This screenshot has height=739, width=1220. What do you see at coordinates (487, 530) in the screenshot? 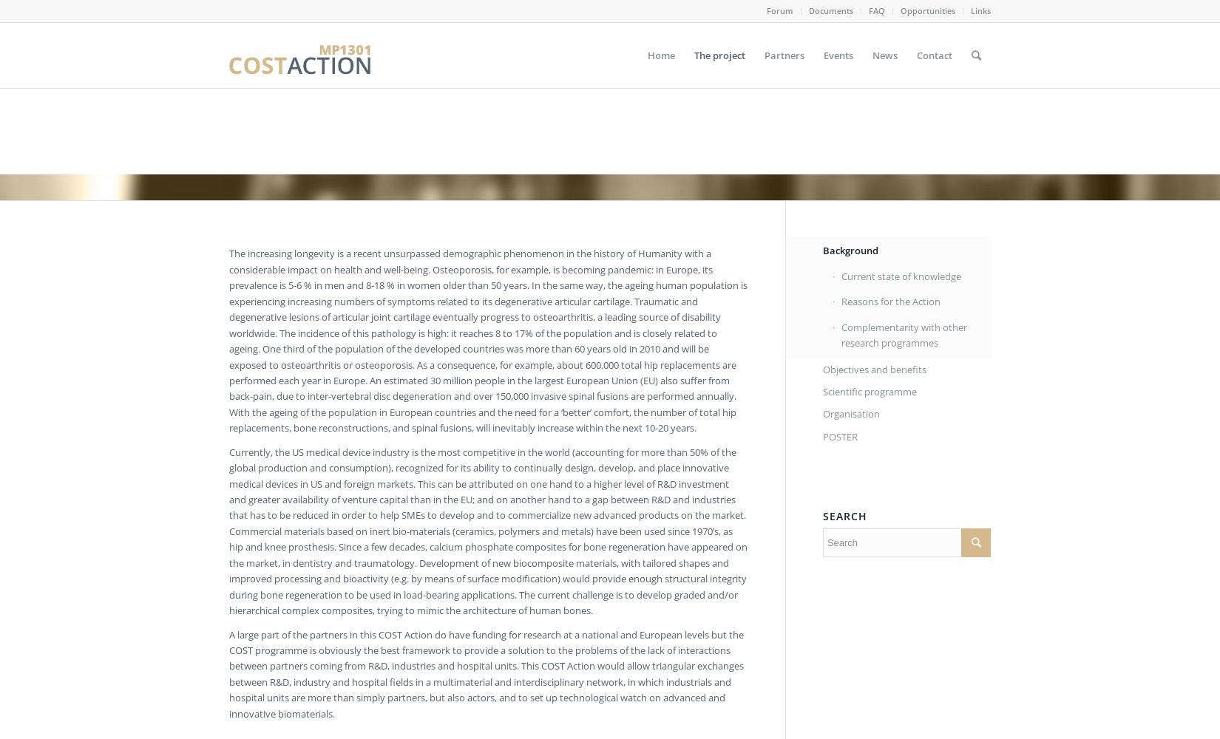
I see `'Currently, the US medical device industry is the most competitive in the world (accounting for more than 50% of the global production and consumption), recognized for its ability to continually design, develop, and place innovative medical devices in US and foreign markets. This can be attributed on one hand to a higher level of R&D investment and greater availability of venture capital than in the EU; and on another hand to a gap between R&D and industries that has to be reduced in order to help SMEs to develop and to commercialize new advanced products on the market. Commercial materials based on inert bio-materials (ceramics, polymers and metals) have been used since 1970’s, as hip and knee prosthesis. Since a few decades, calcium phosphate composites for bone regeneration have appeared on the market, in dentistry and traumatology. Development of new biocomposite materials, with tailored shapes and improved processing and bioactivity (e.g. by means of surface modification) would provide enough structural integrity during bone regeneration to be used in load-bearing applications. The current challenge is to develop graded and/or hierarchical complex composites, trying to mimic the architecture of human bones.'` at bounding box center [487, 530].